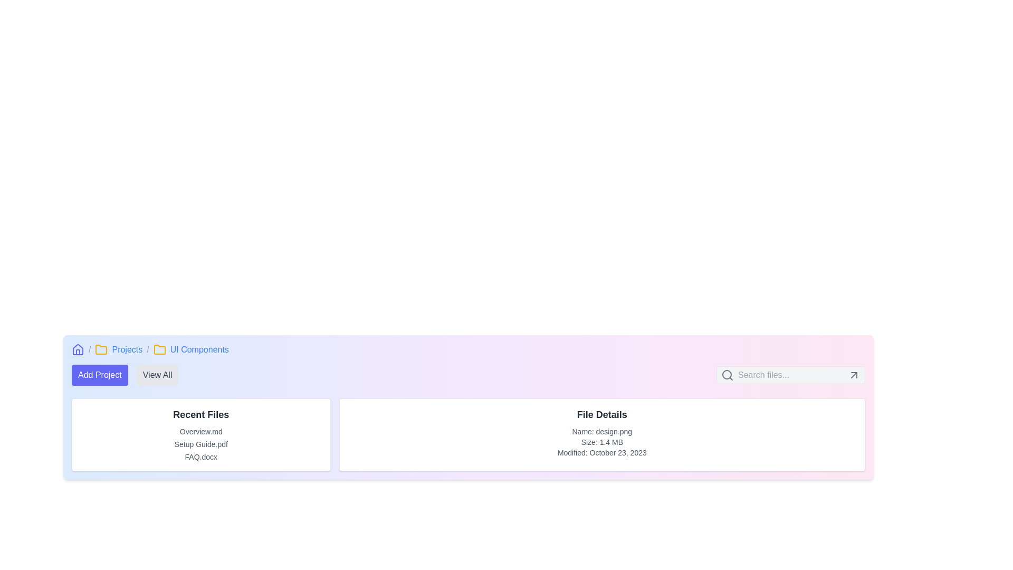  Describe the element at coordinates (602, 442) in the screenshot. I see `the static text label displaying the file size of 'design.png', which is located in the middle panel labeled 'File Details' as the third listed item` at that location.